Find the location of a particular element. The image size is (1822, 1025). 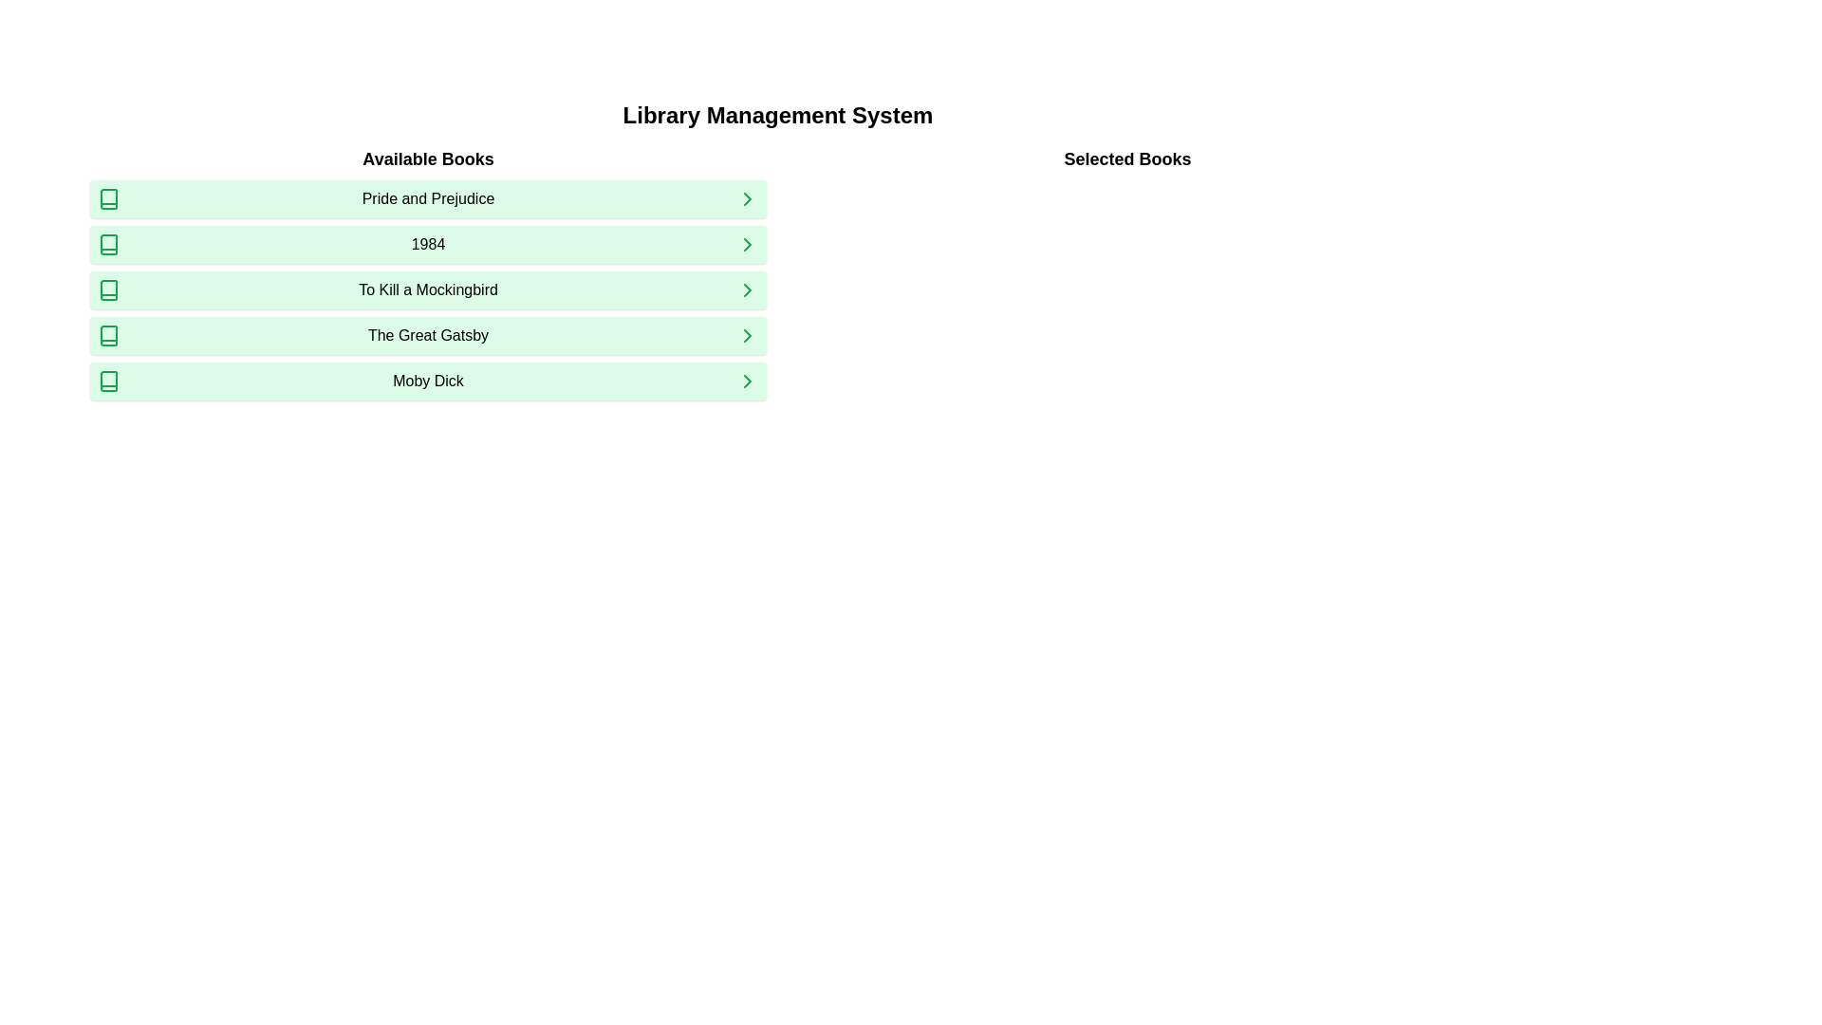

the right-pointing green chevron icon located in the last row of the 'Available Books' list next to the title 'Moby Dick' is located at coordinates (746, 381).